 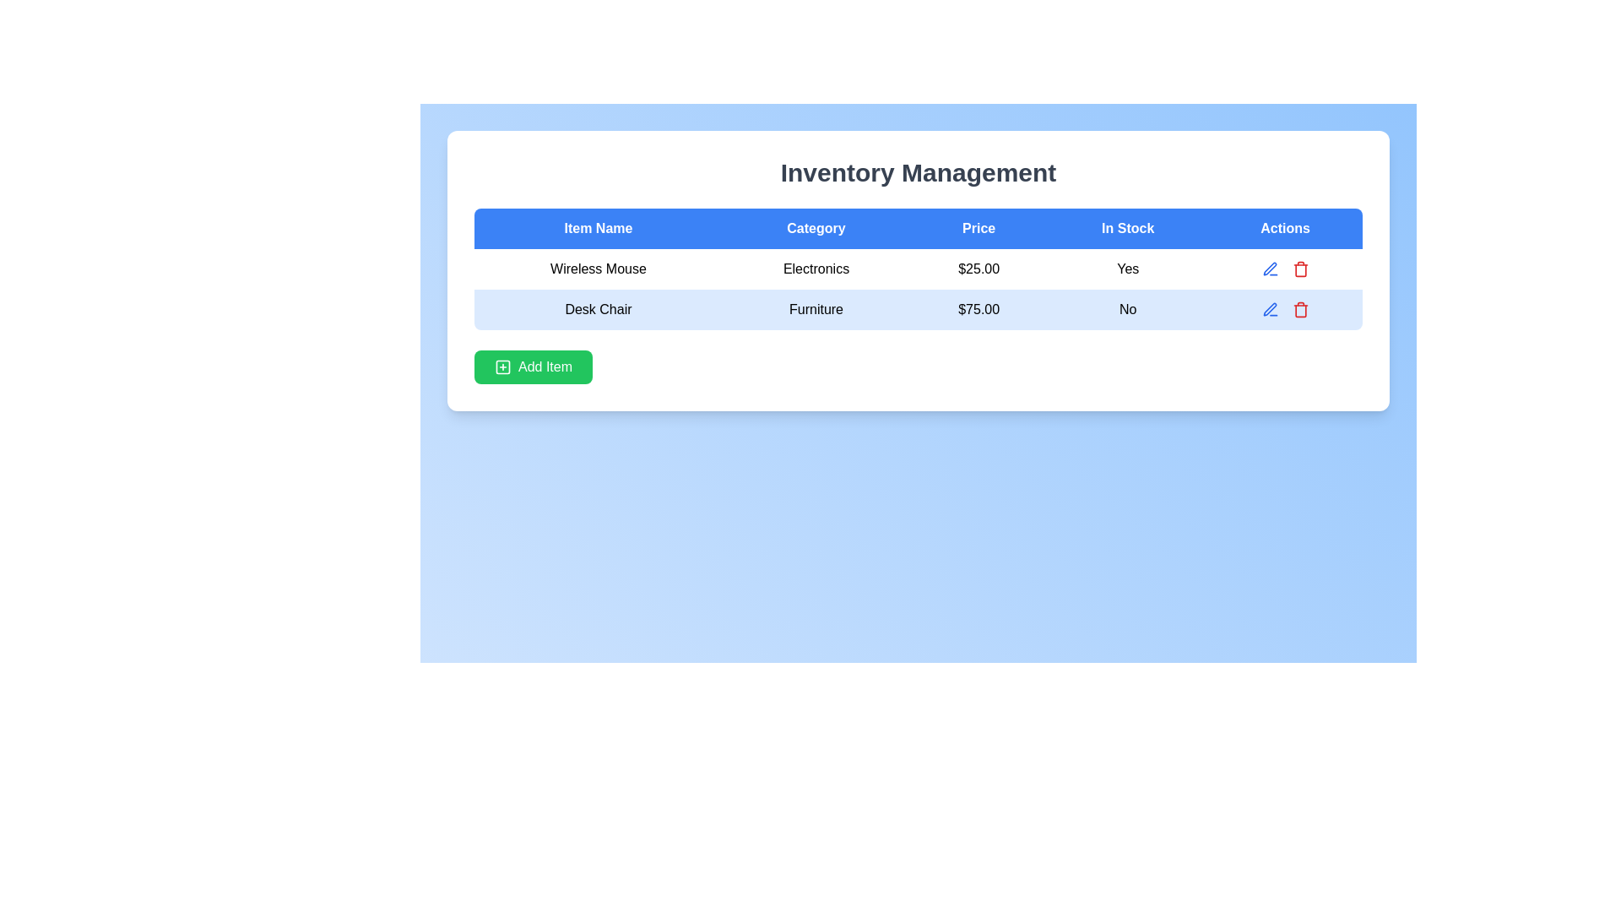 I want to click on the interactive icons in the 'Actions' column of the first row corresponding to the 'Wireless Mouse' entry, so click(x=1284, y=269).